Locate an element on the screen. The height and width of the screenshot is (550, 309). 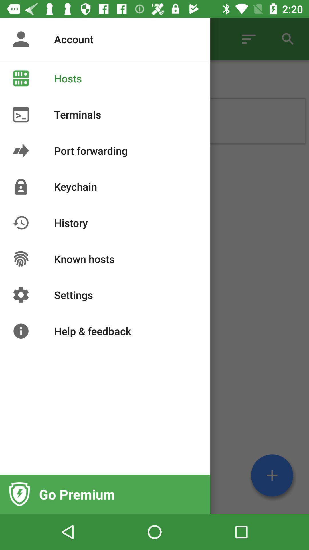
the add icon is located at coordinates (272, 475).